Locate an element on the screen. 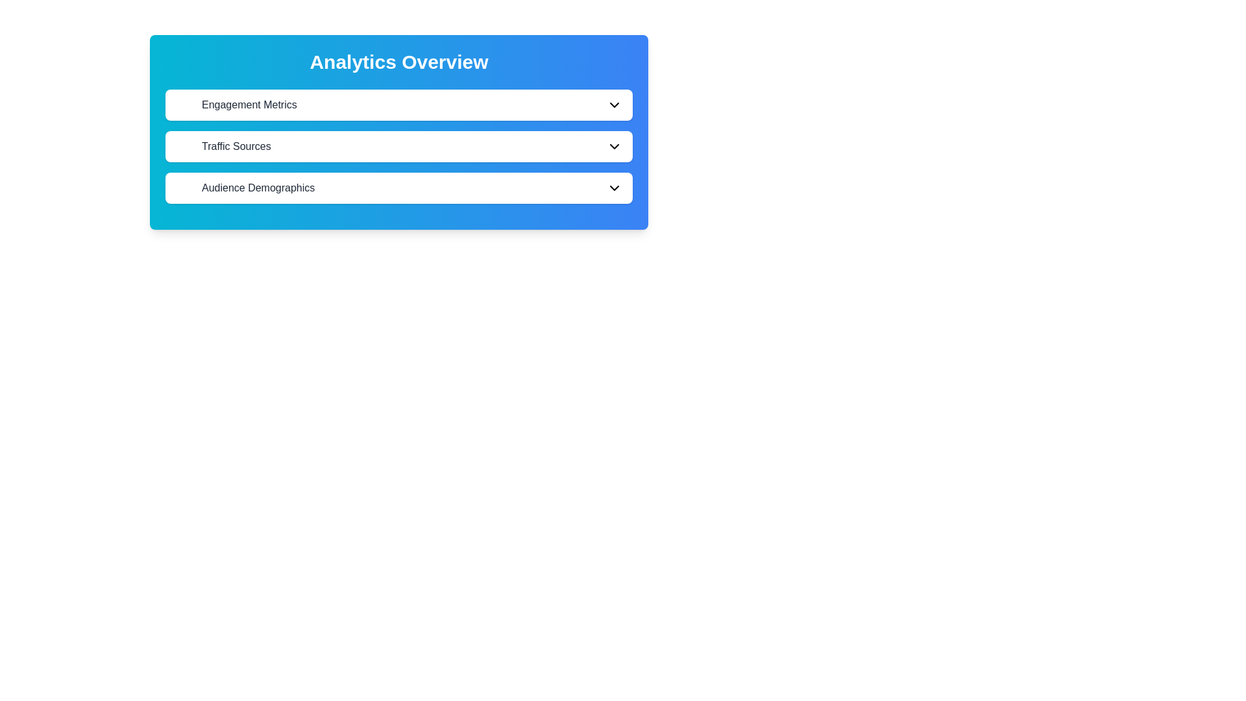 The image size is (1246, 701). the text label that serves as a heading for audience demographics is located at coordinates (245, 188).